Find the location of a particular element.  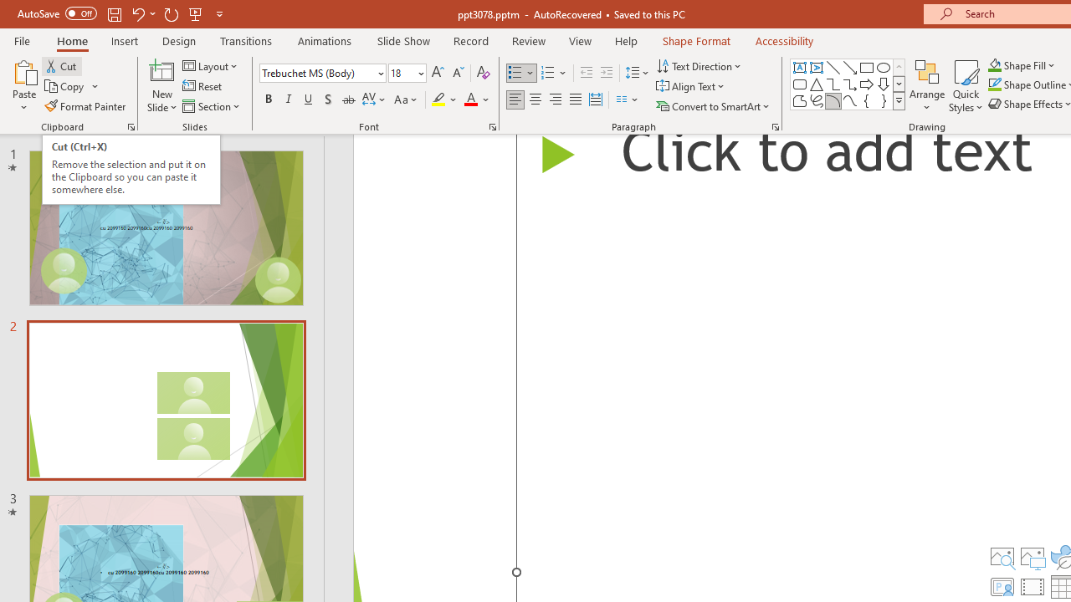

'Shape Format' is located at coordinates (696, 40).